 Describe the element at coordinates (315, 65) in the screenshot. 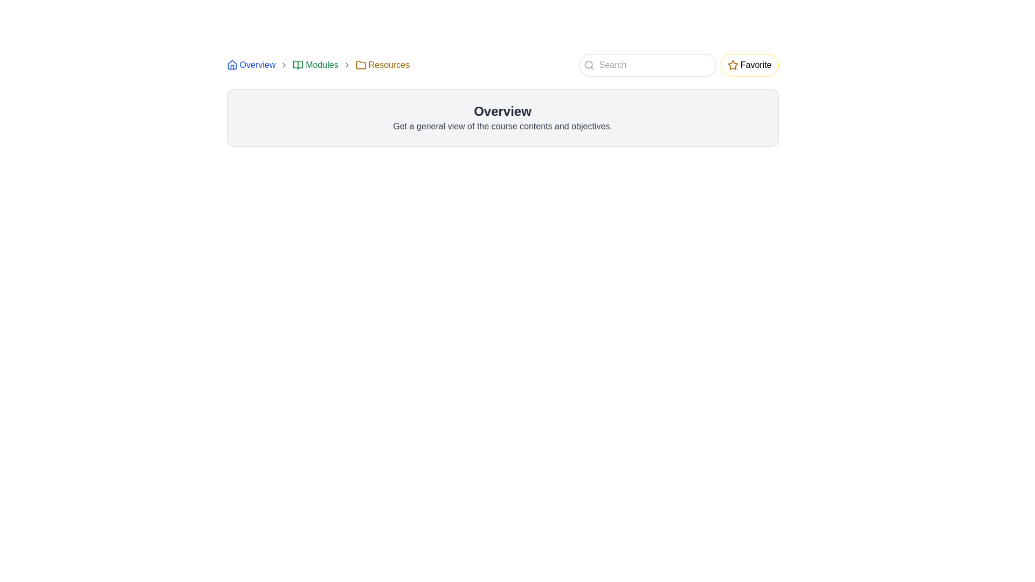

I see `the clickable link with an icon in the breadcrumb navigation bar to change its color` at that location.